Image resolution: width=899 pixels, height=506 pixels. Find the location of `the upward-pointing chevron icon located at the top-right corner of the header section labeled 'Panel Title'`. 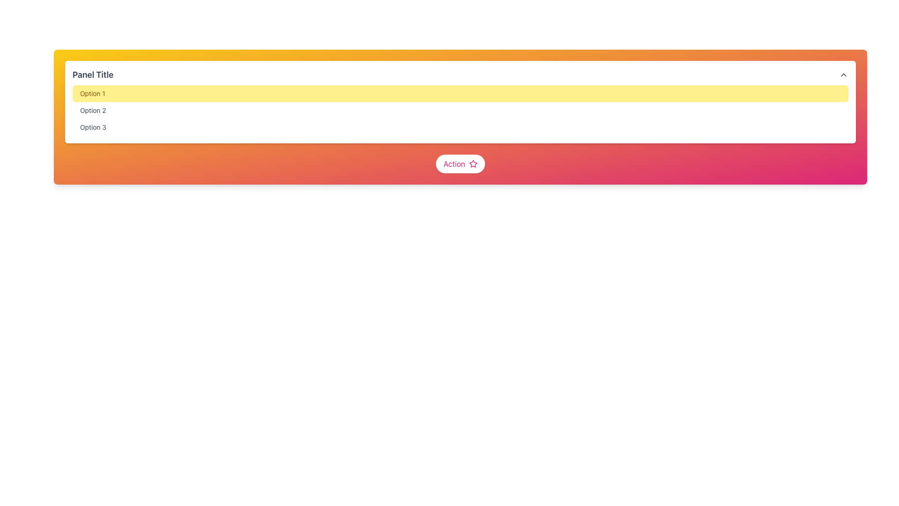

the upward-pointing chevron icon located at the top-right corner of the header section labeled 'Panel Title' is located at coordinates (843, 74).